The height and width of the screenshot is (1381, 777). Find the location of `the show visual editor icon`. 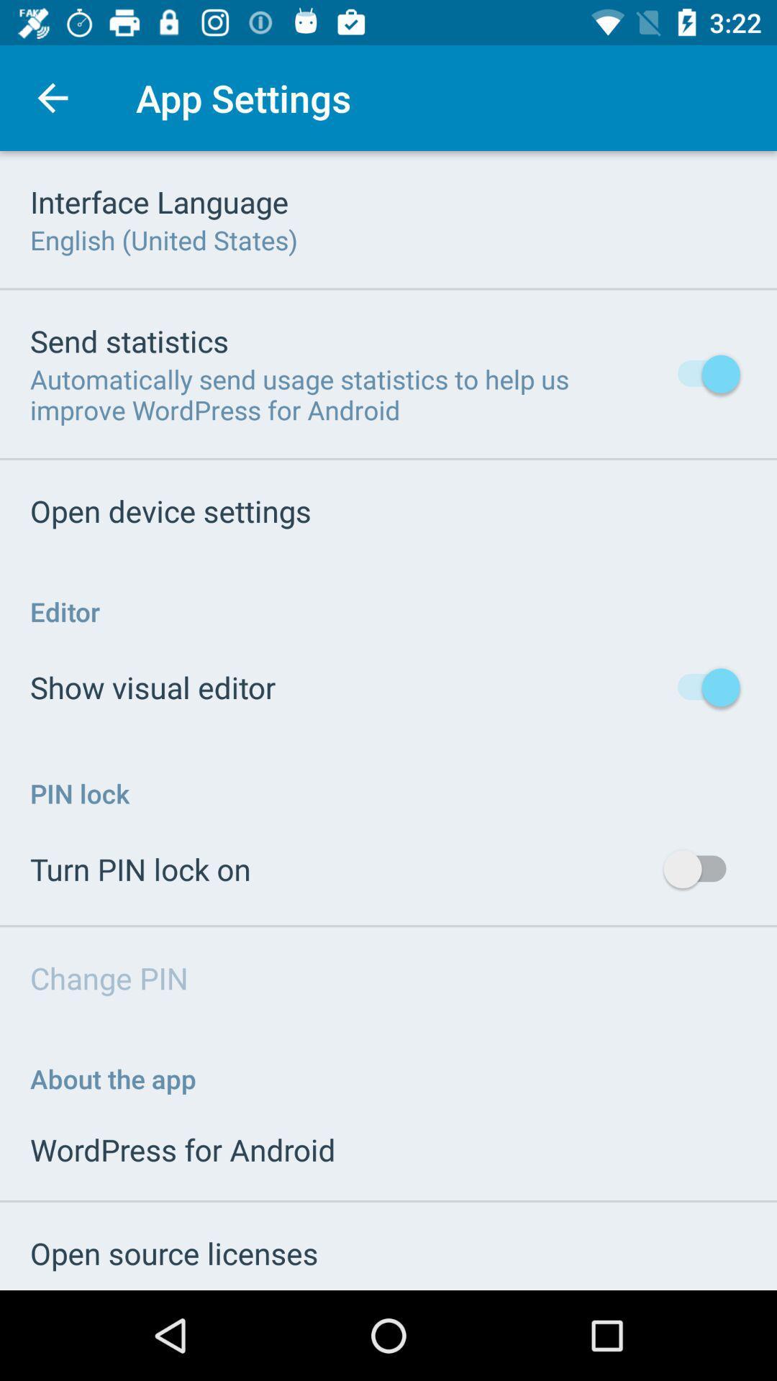

the show visual editor icon is located at coordinates (153, 686).